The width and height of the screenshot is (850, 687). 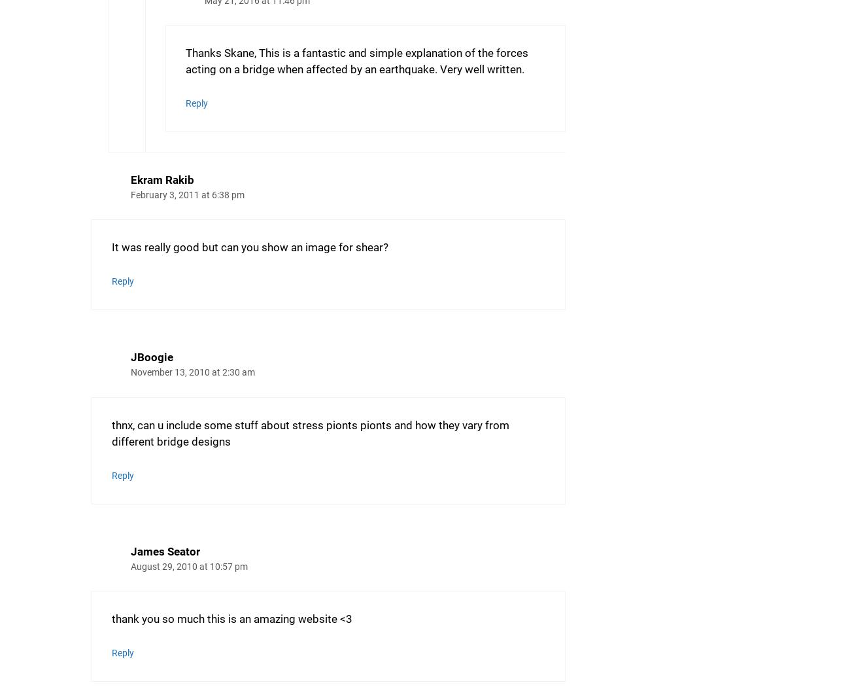 I want to click on 'August 29, 2010 at 10:57 pm', so click(x=189, y=566).